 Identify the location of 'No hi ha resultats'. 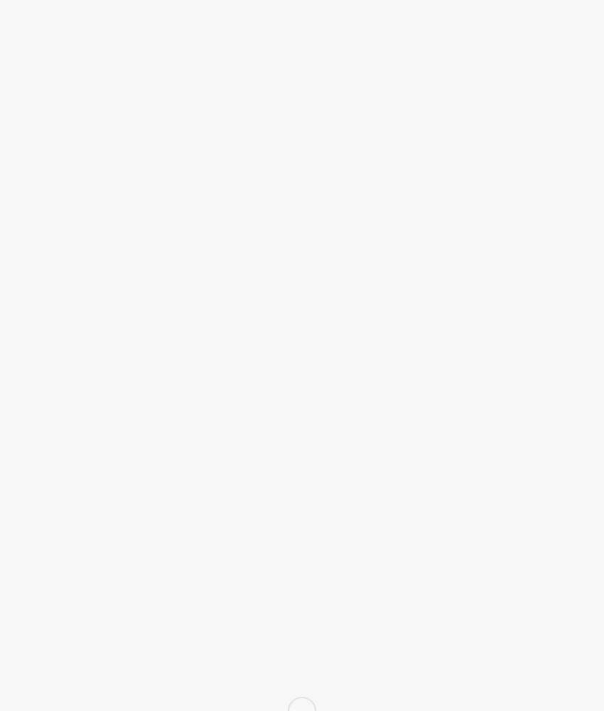
(104, 155).